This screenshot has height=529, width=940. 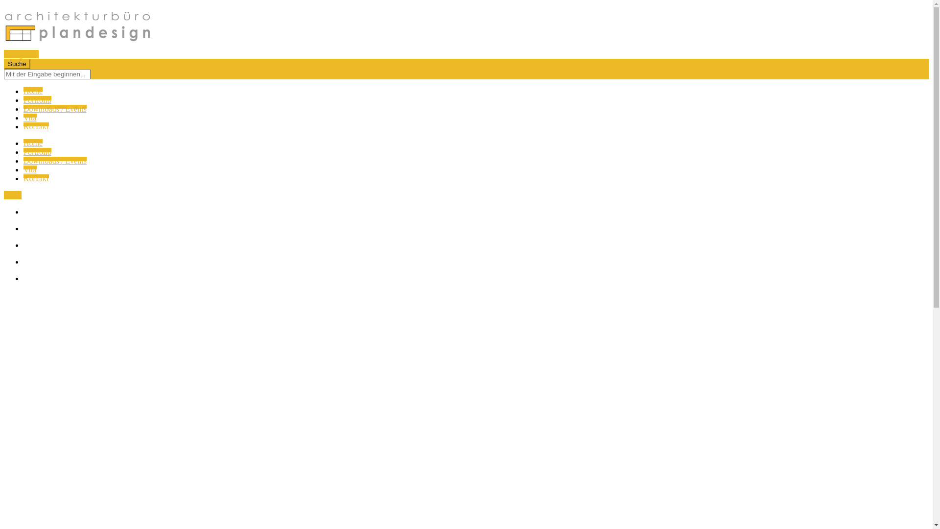 What do you see at coordinates (23, 126) in the screenshot?
I see `'Kontakt'` at bounding box center [23, 126].